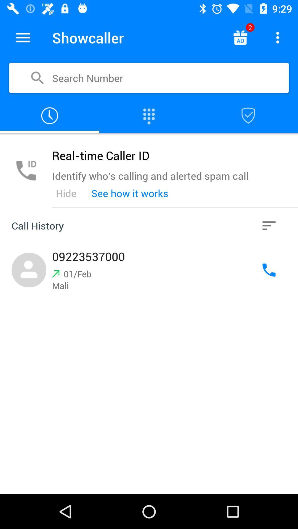 Image resolution: width=298 pixels, height=529 pixels. Describe the element at coordinates (149, 115) in the screenshot. I see `open numerical keypad` at that location.